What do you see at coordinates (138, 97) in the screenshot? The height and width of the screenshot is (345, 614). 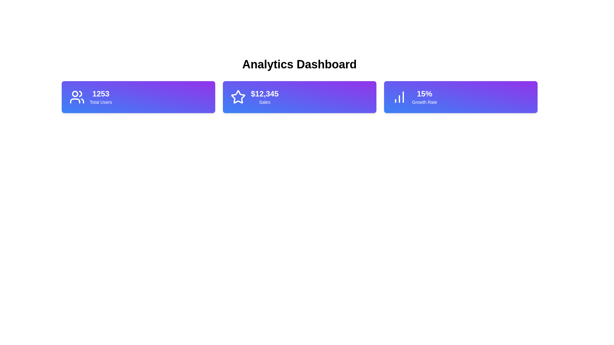 I see `metrics card displaying '1253 Total Users', which is the first in a row of three cards on the left side of the 'Analytics Dashboard'` at bounding box center [138, 97].